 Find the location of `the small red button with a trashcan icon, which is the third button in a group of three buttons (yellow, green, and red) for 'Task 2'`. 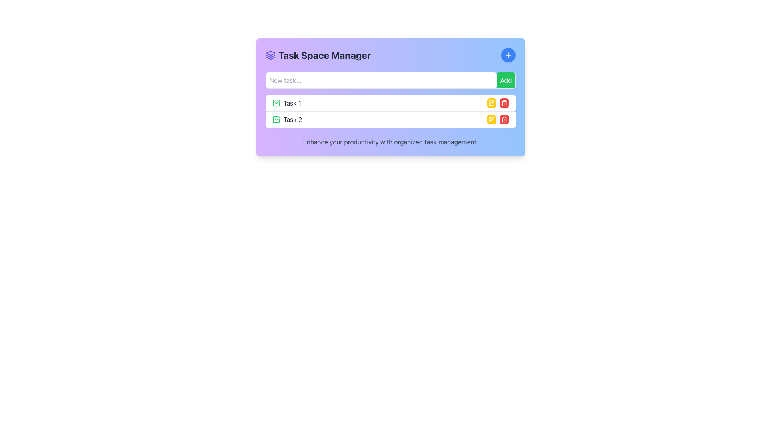

the small red button with a trashcan icon, which is the third button in a group of three buttons (yellow, green, and red) for 'Task 2' is located at coordinates (504, 103).